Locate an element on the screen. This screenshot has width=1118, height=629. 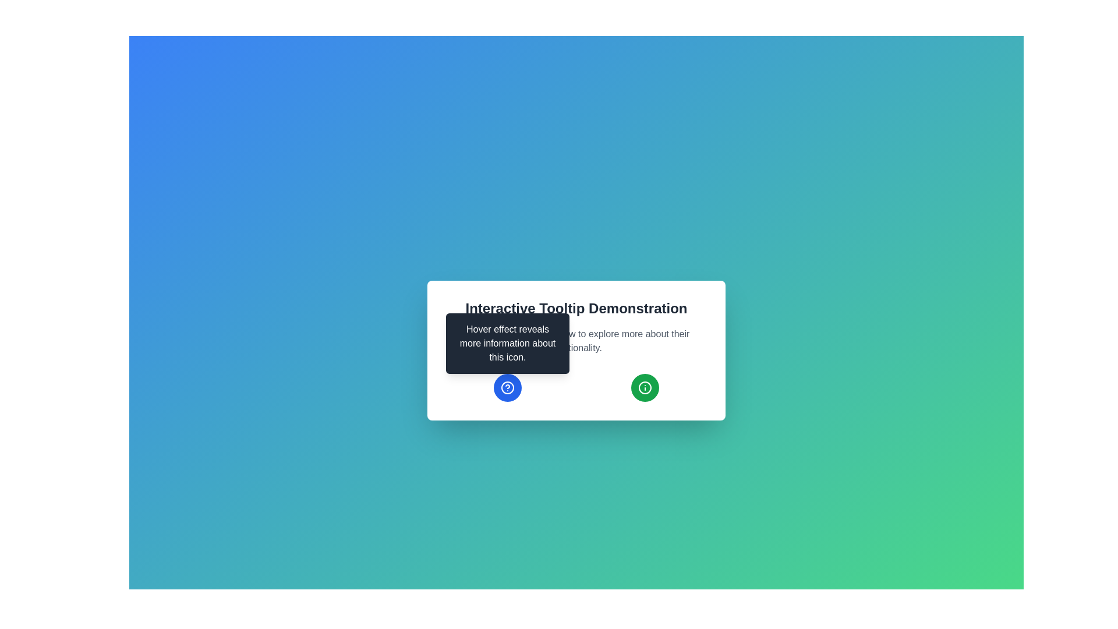
the information indicator icon, which is the second icon from the left in a horizontally centered layout at the bottom of the card is located at coordinates (645, 388).